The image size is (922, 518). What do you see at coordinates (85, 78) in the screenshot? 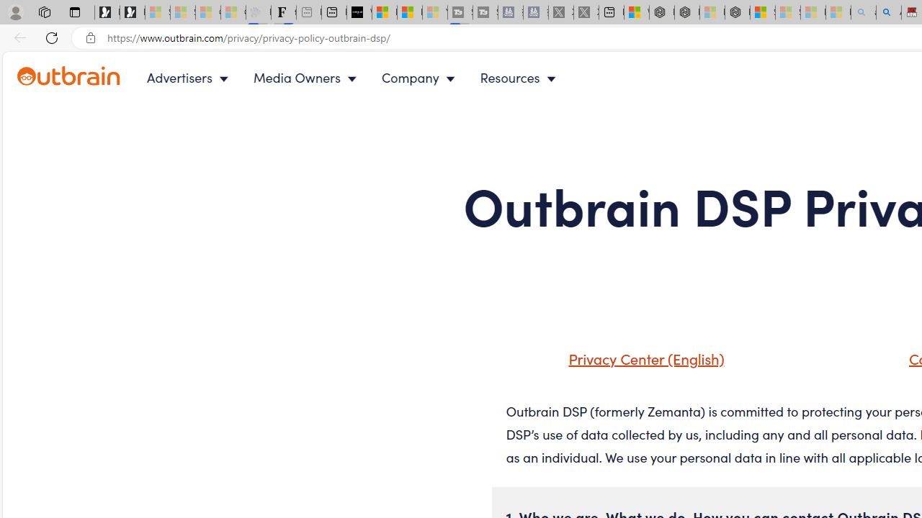
I see `'Outbrain logo - link to homepage'` at bounding box center [85, 78].